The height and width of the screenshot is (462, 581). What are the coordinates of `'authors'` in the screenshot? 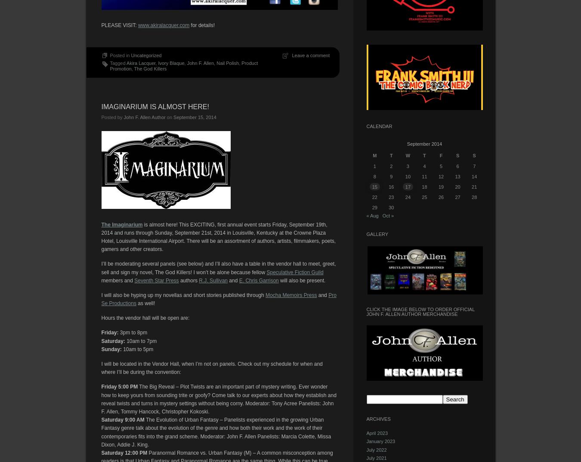 It's located at (189, 280).